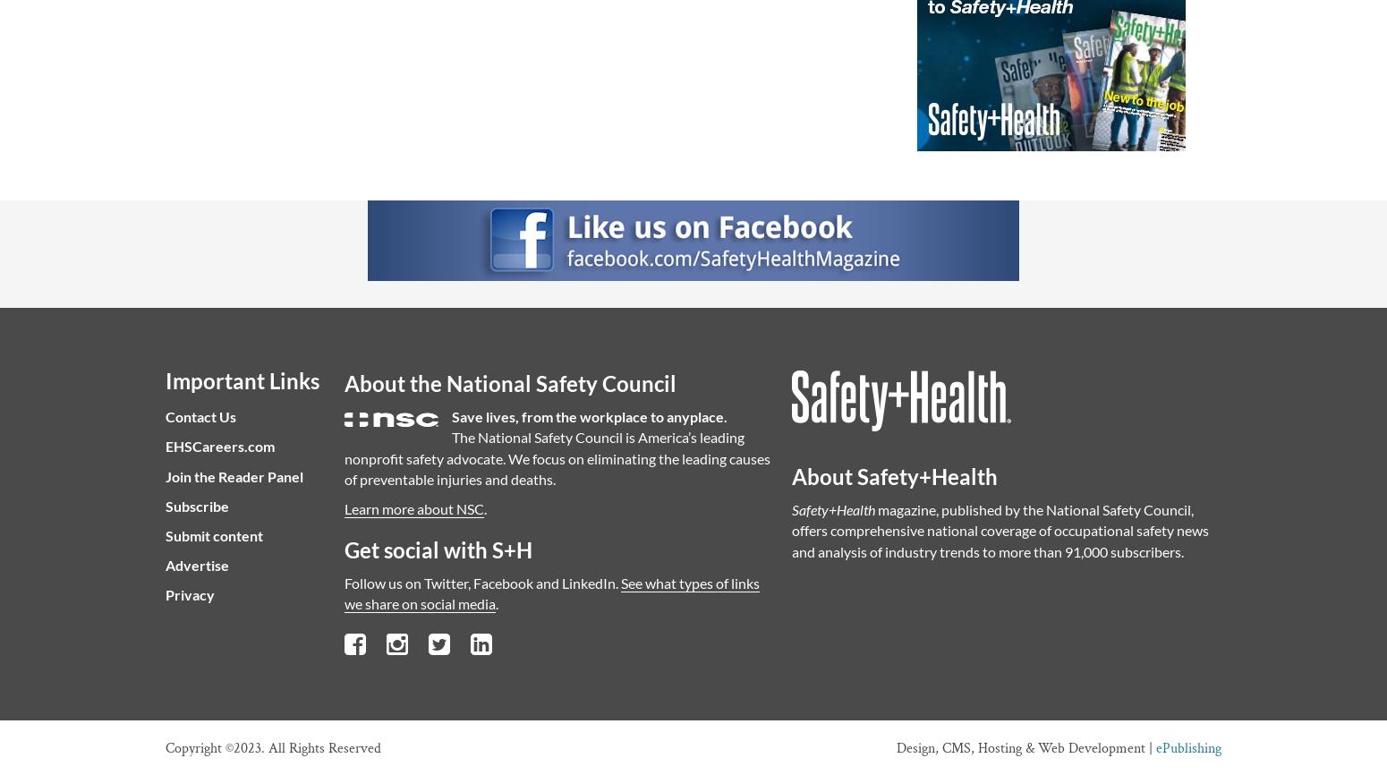  What do you see at coordinates (344, 549) in the screenshot?
I see `'Get social with S+H'` at bounding box center [344, 549].